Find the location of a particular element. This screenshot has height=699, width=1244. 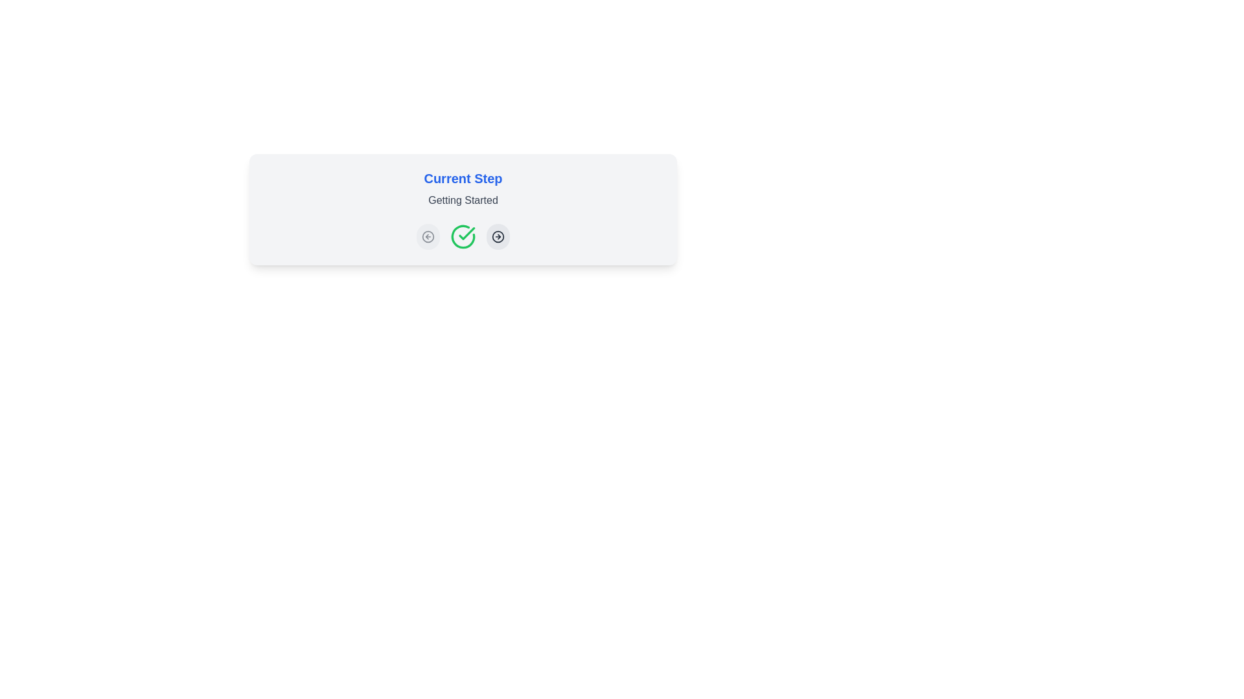

text content of the Heading with a subtitle element that displays 'Current Step' in bold blue and 'Getting Started' in regular gray is located at coordinates (463, 189).